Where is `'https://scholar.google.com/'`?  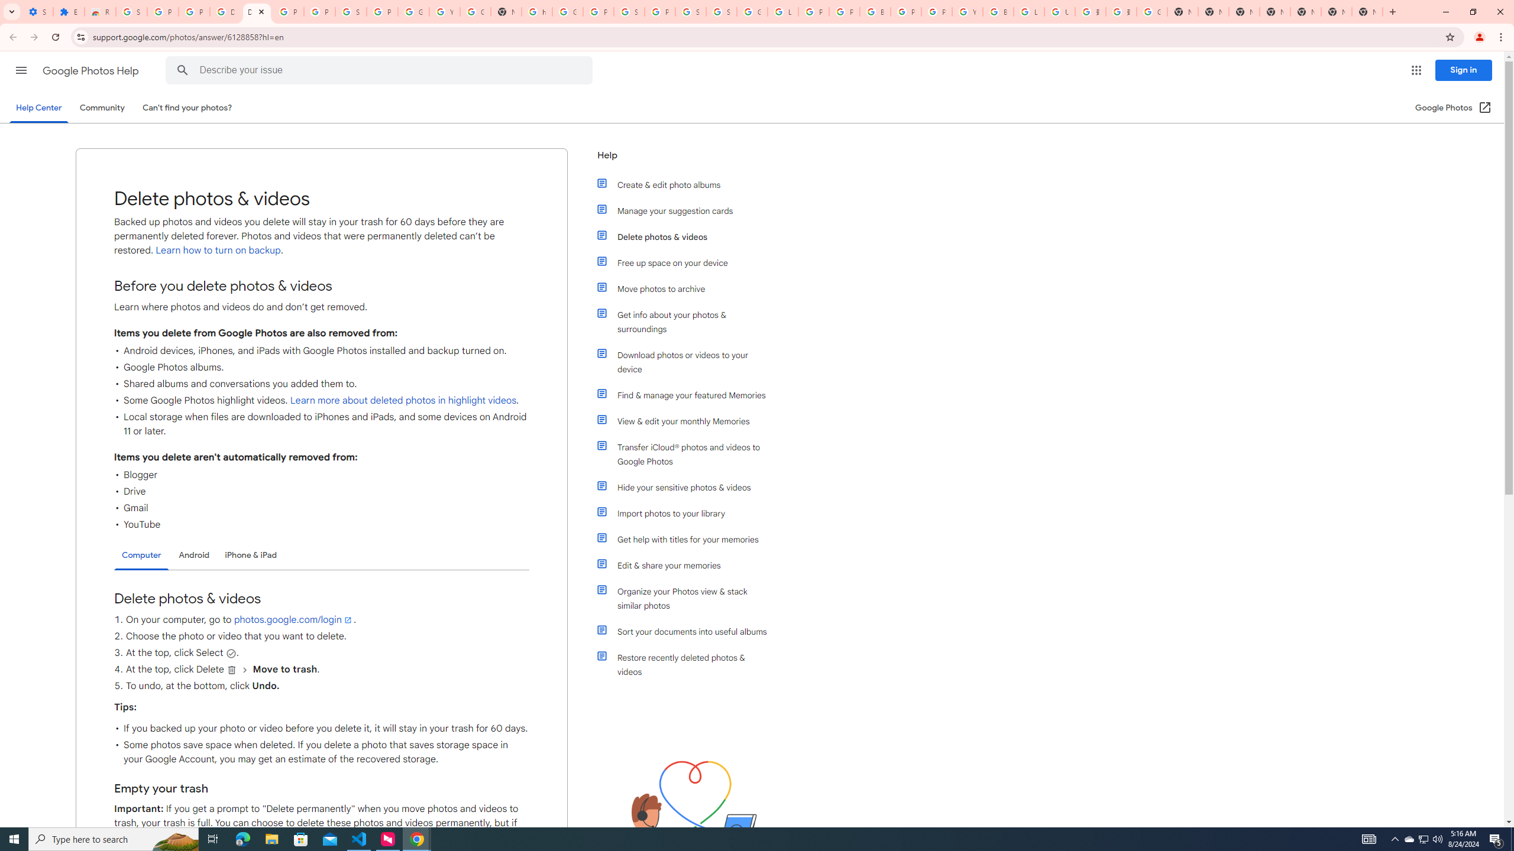 'https://scholar.google.com/' is located at coordinates (536, 11).